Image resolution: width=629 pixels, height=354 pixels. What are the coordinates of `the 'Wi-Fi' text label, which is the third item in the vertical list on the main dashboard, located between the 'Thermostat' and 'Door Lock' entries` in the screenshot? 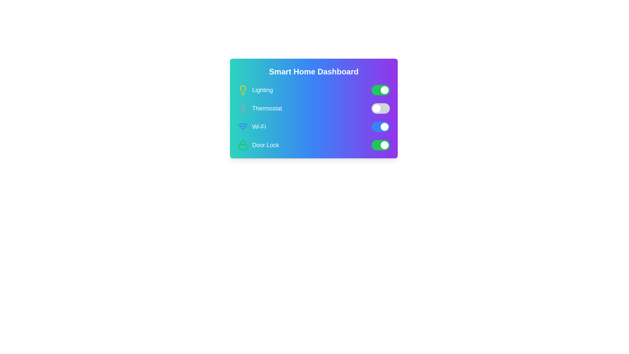 It's located at (259, 127).